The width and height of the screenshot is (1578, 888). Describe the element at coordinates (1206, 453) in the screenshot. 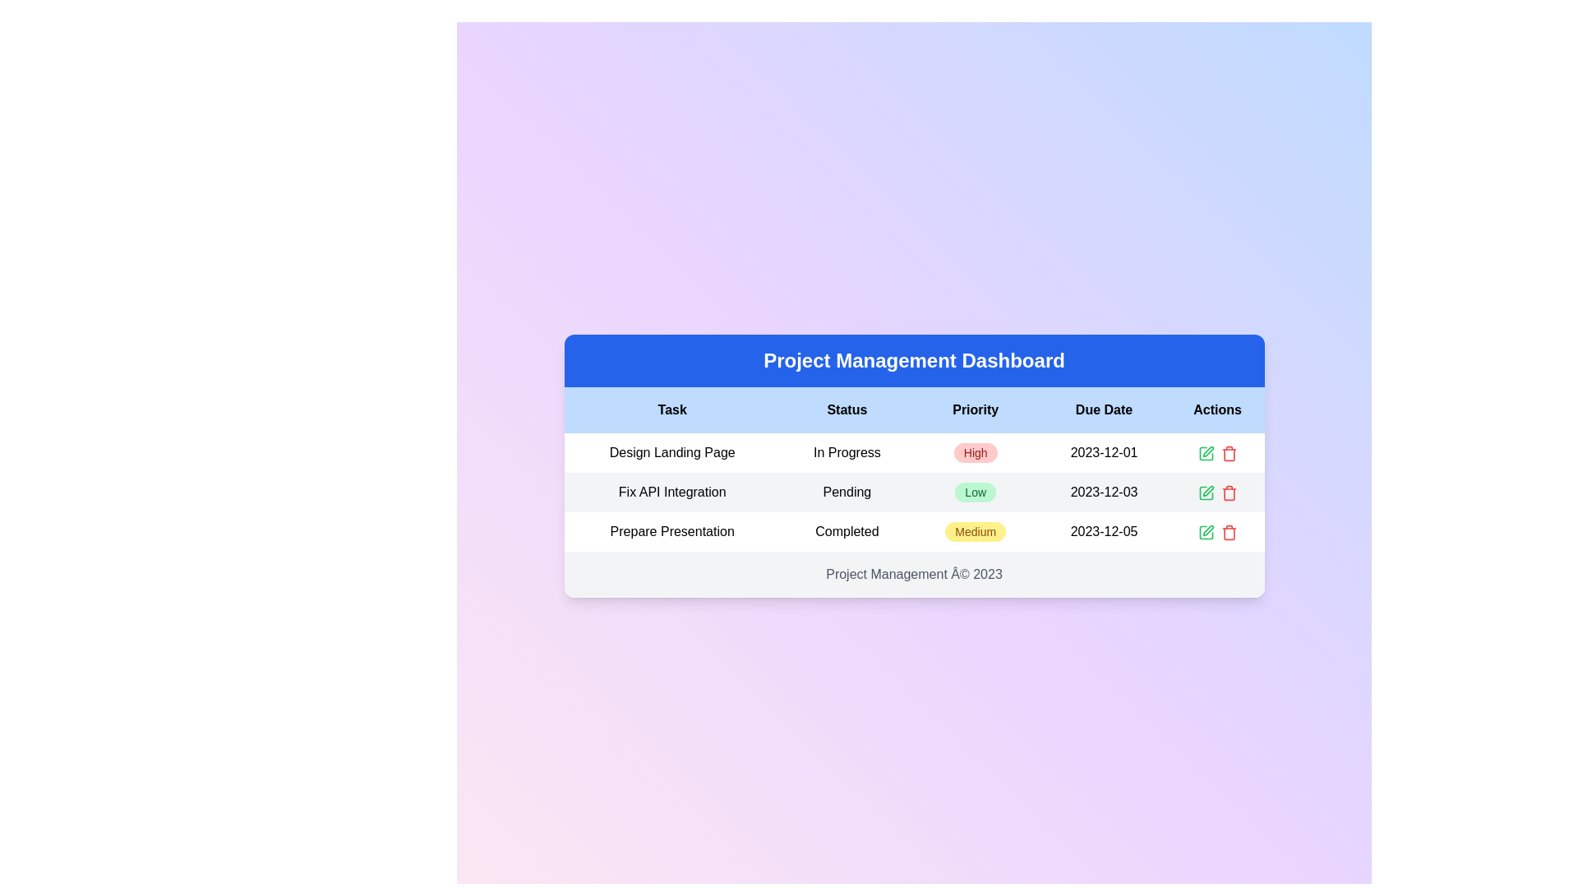

I see `the center of the edit icon located in the 'Actions' column of the second row ('Fix API Integration') in the project management table` at that location.